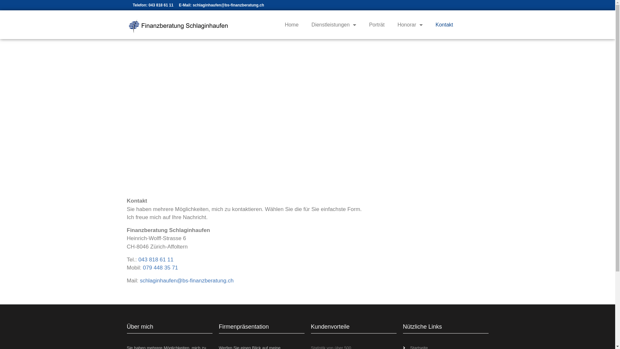 The image size is (620, 349). I want to click on 'E-Mail: schlaginhaufen@bs-finanzberatung.ch', so click(179, 5).